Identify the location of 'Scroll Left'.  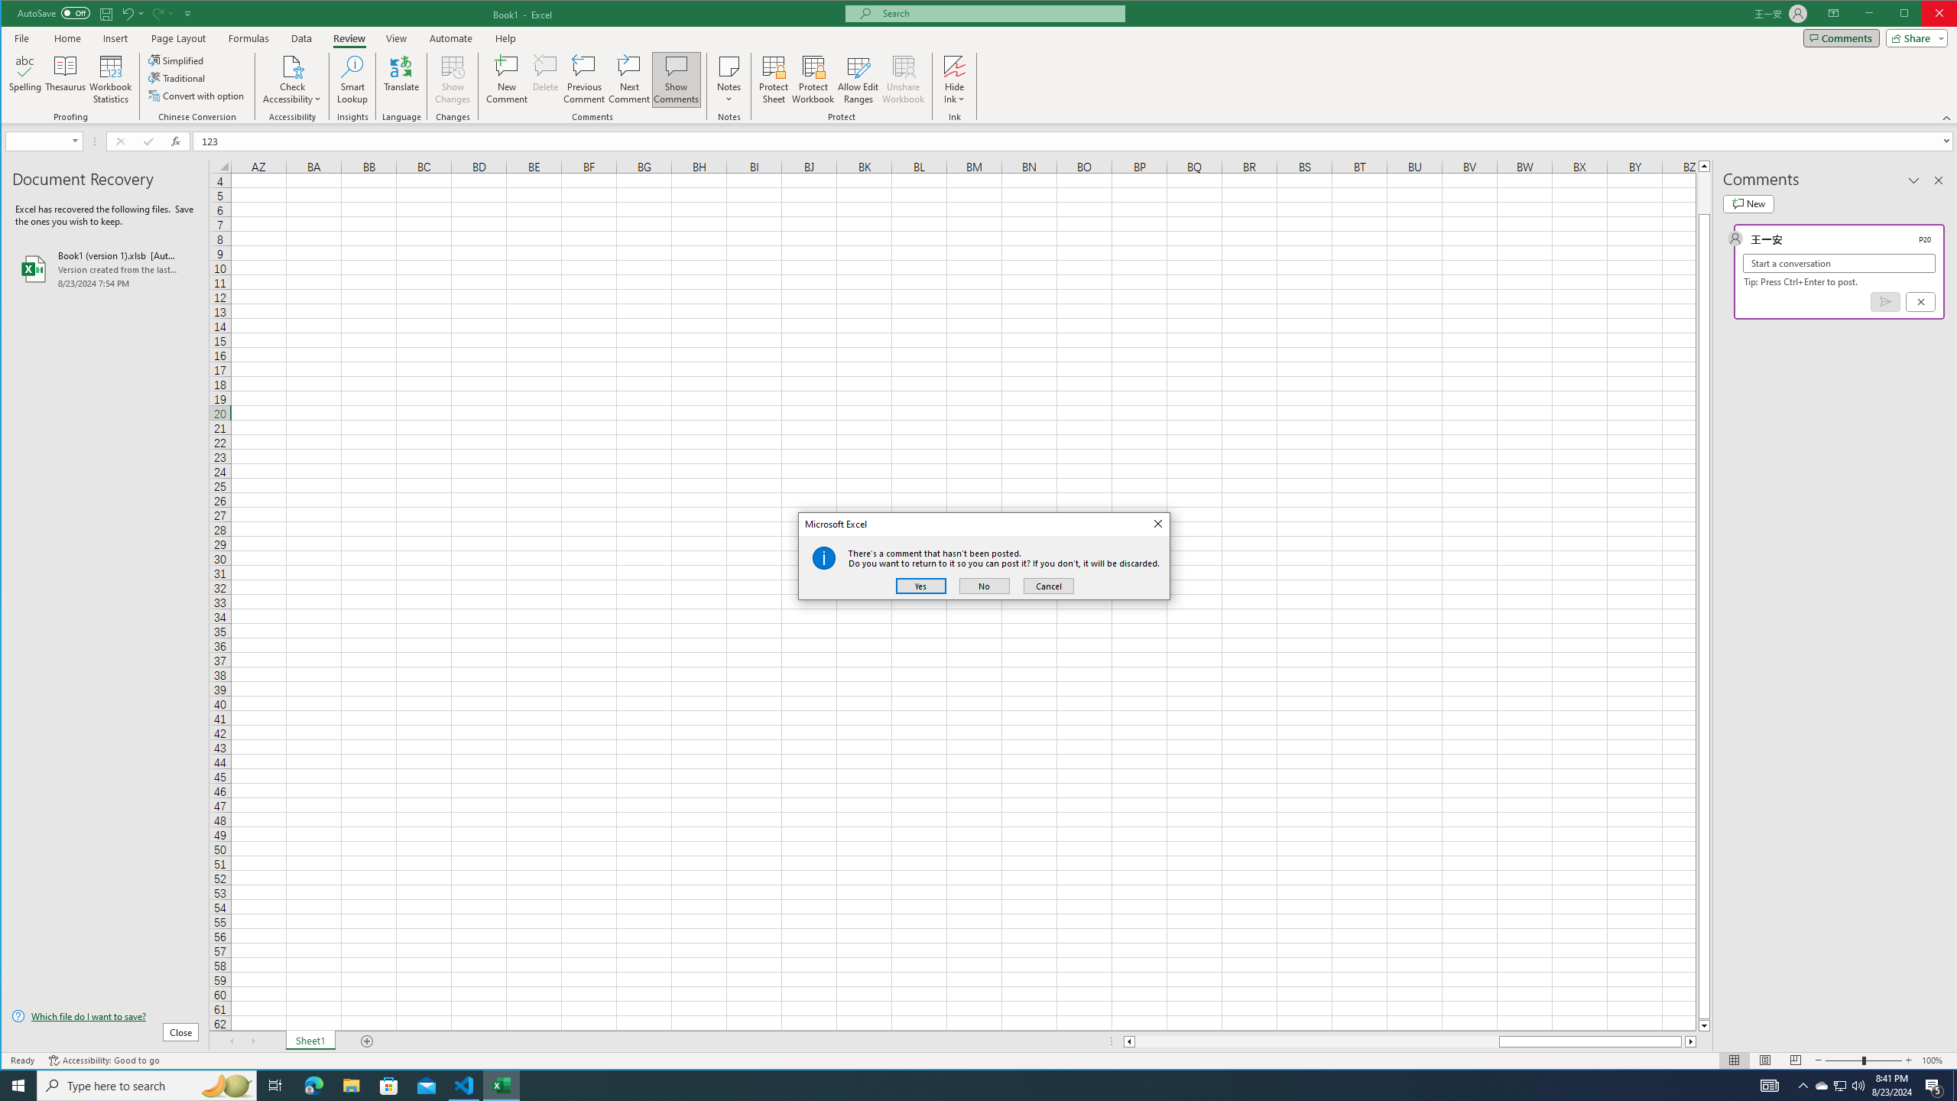
(231, 1041).